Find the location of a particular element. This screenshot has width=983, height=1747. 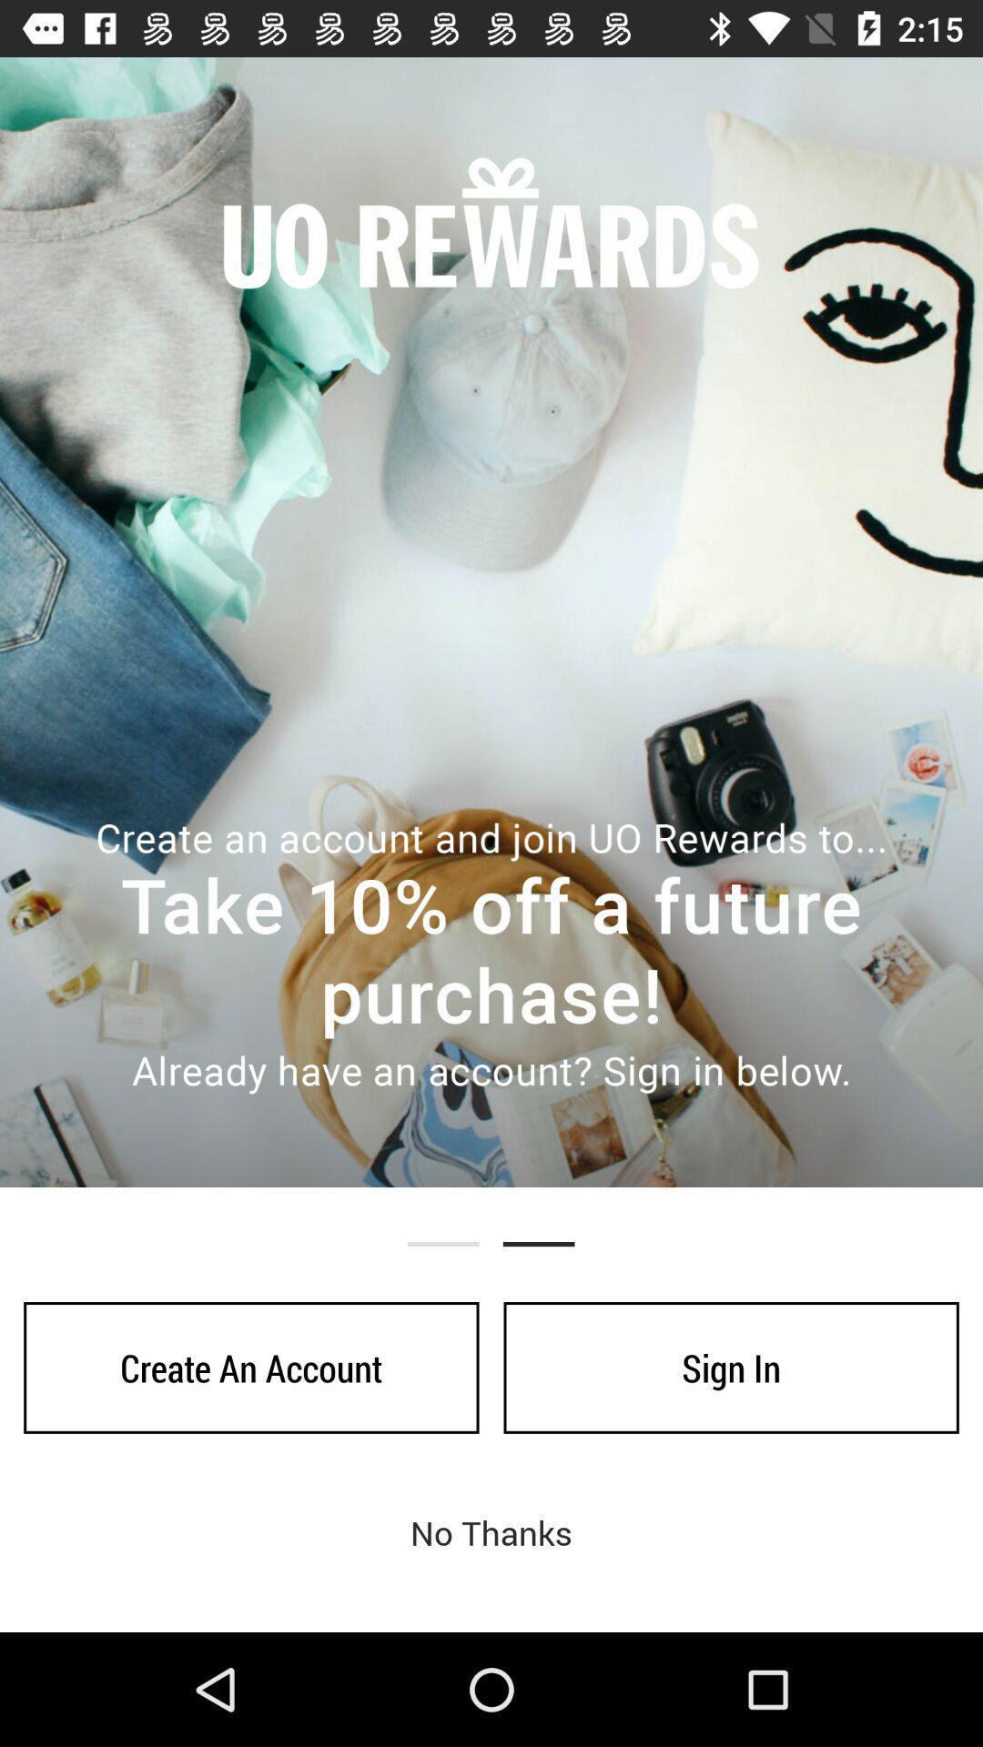

item above the no thanks item is located at coordinates (730, 1368).